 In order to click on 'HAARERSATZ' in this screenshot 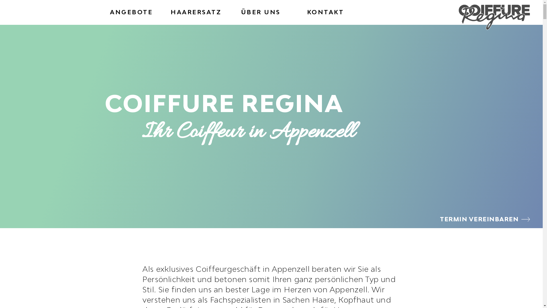, I will do `click(196, 12)`.